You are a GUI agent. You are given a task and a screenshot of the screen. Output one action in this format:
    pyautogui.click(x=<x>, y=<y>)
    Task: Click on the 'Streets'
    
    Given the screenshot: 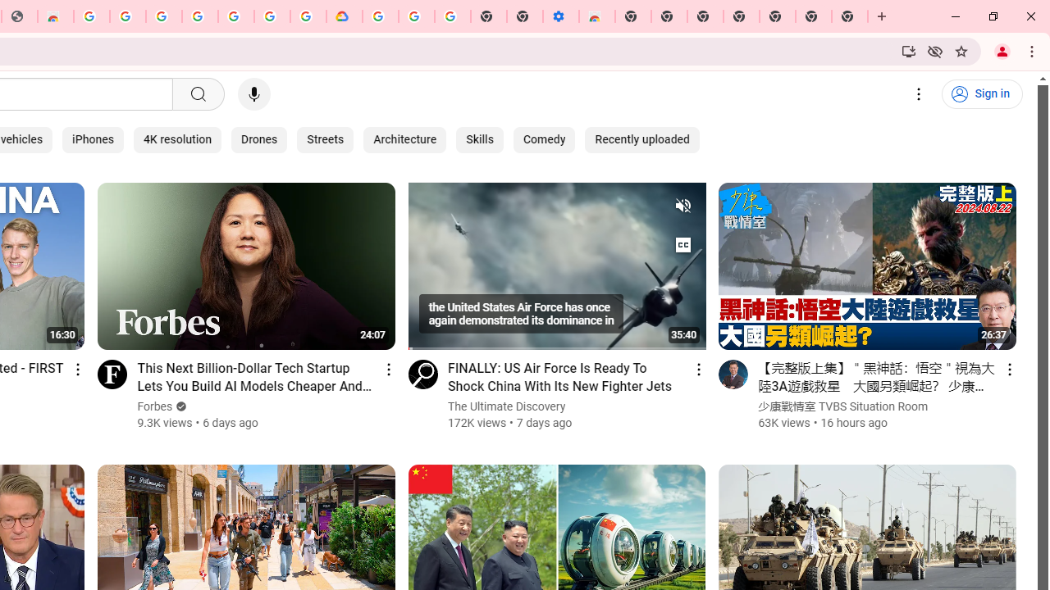 What is the action you would take?
    pyautogui.click(x=326, y=139)
    